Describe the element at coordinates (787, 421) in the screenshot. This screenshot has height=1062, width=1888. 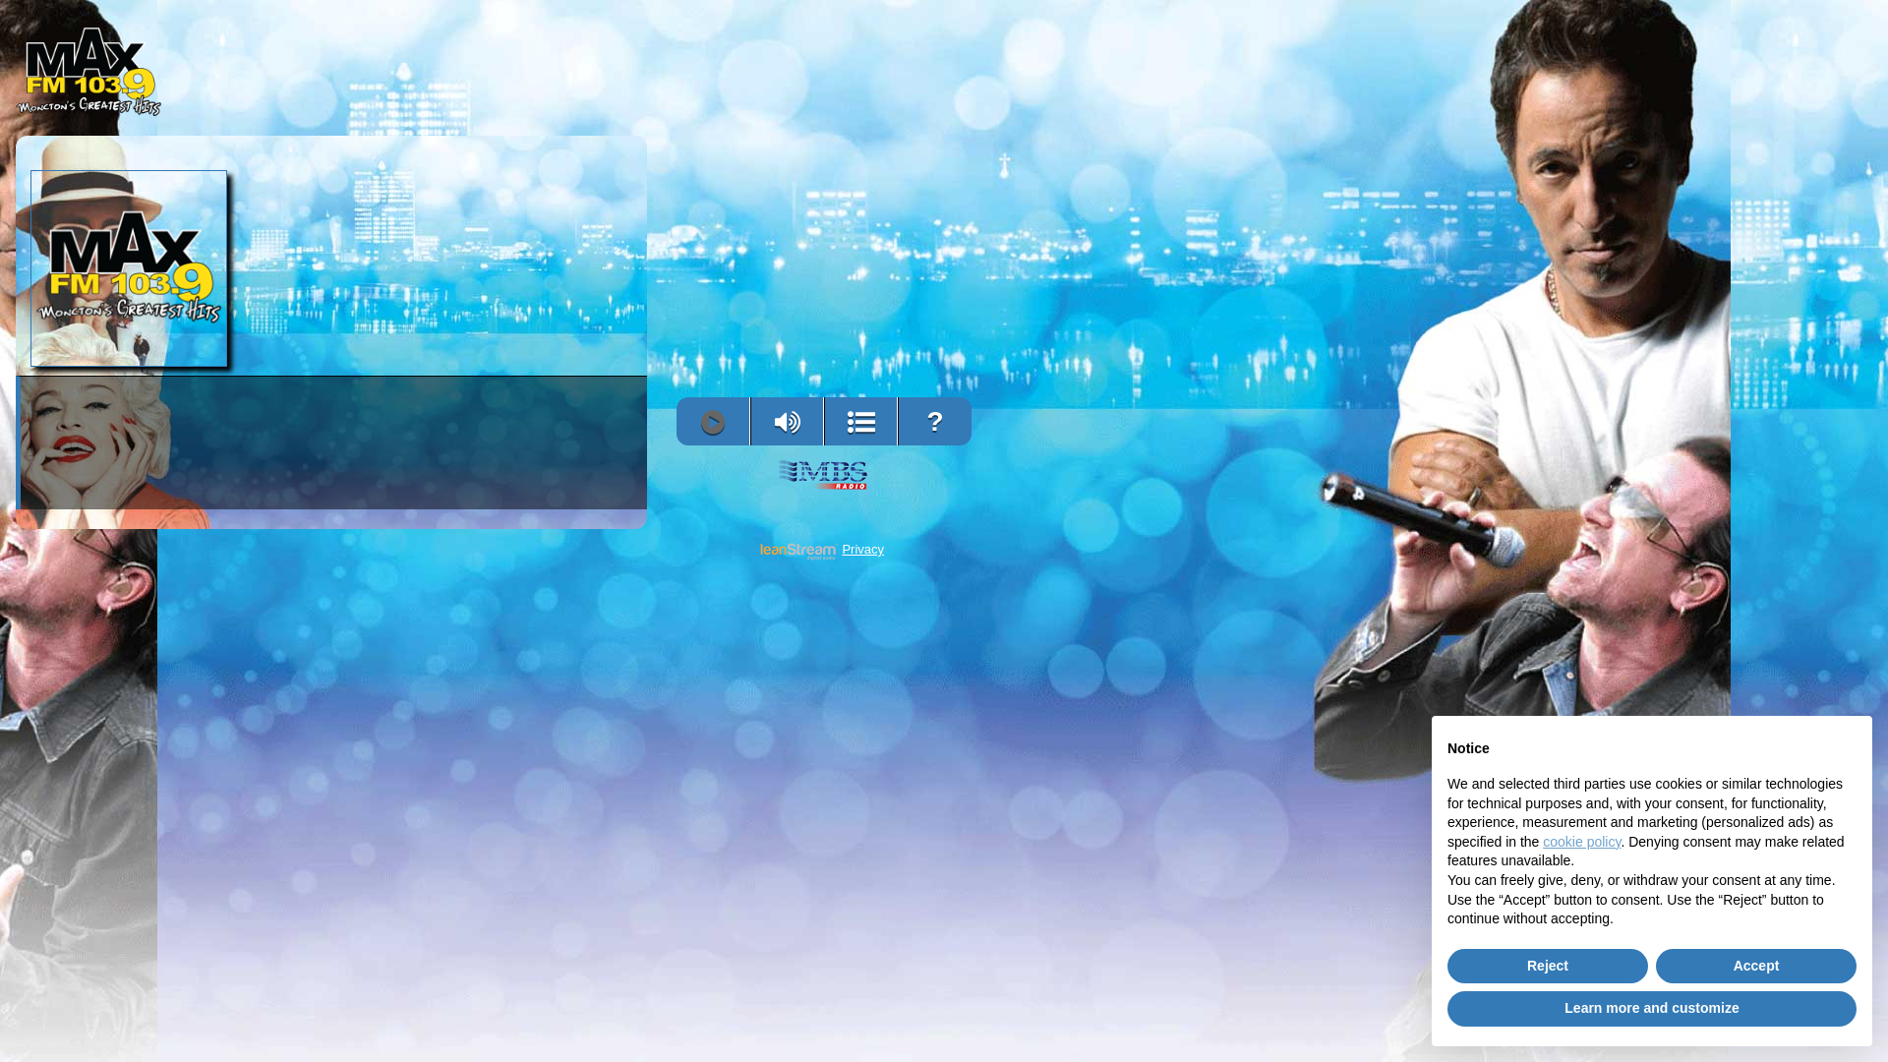
I see `'Volume'` at that location.